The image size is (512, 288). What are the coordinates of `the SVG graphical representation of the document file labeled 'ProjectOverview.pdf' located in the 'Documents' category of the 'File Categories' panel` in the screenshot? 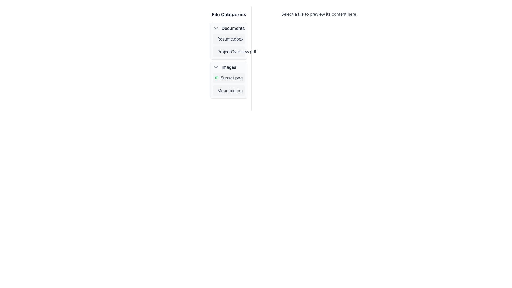 It's located at (218, 51).